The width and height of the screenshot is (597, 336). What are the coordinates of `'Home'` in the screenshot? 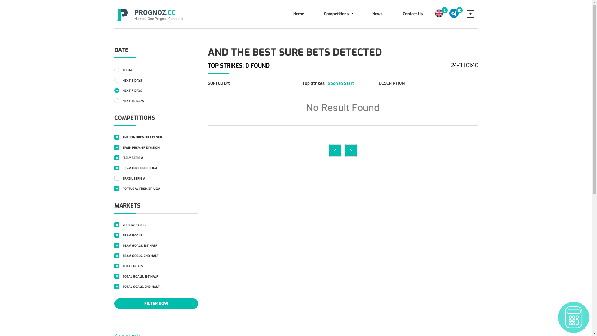 It's located at (298, 14).